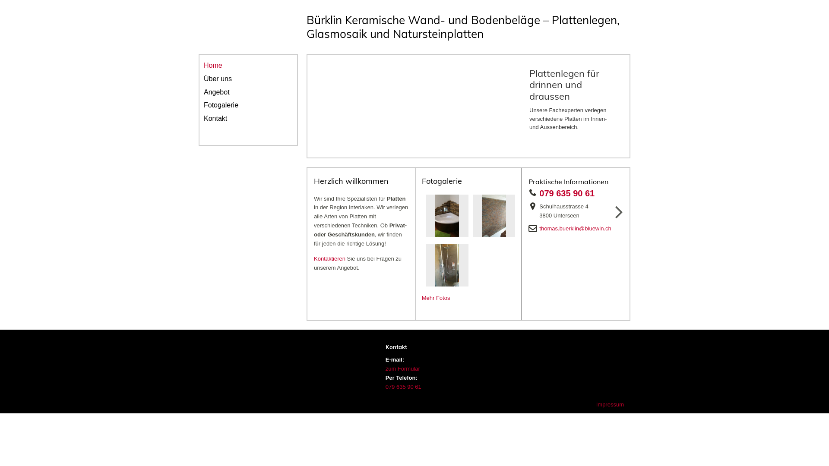  Describe the element at coordinates (248, 105) in the screenshot. I see `'Fotogalerie'` at that location.